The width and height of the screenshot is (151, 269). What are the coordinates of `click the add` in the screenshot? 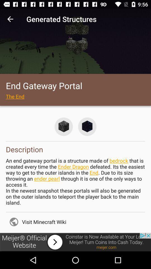 It's located at (75, 242).